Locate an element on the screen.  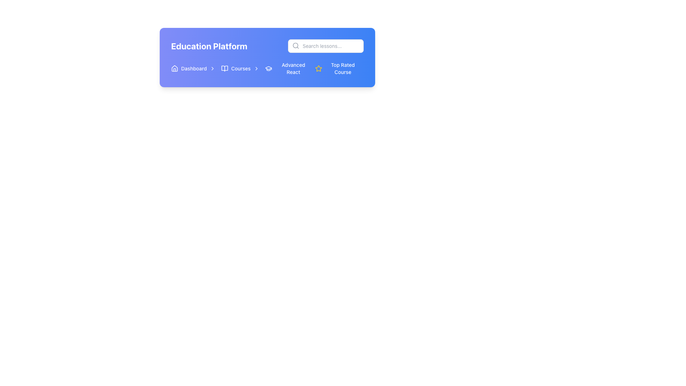
the 'Top Rated Course' icon located in the navigation bar, which serves as a visual indicator of the feature is located at coordinates (318, 69).